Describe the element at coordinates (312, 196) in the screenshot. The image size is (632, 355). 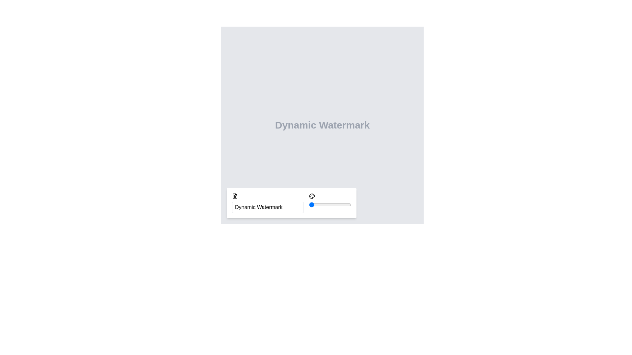
I see `the circular palette icon located in the button group at the bottom center of the view` at that location.